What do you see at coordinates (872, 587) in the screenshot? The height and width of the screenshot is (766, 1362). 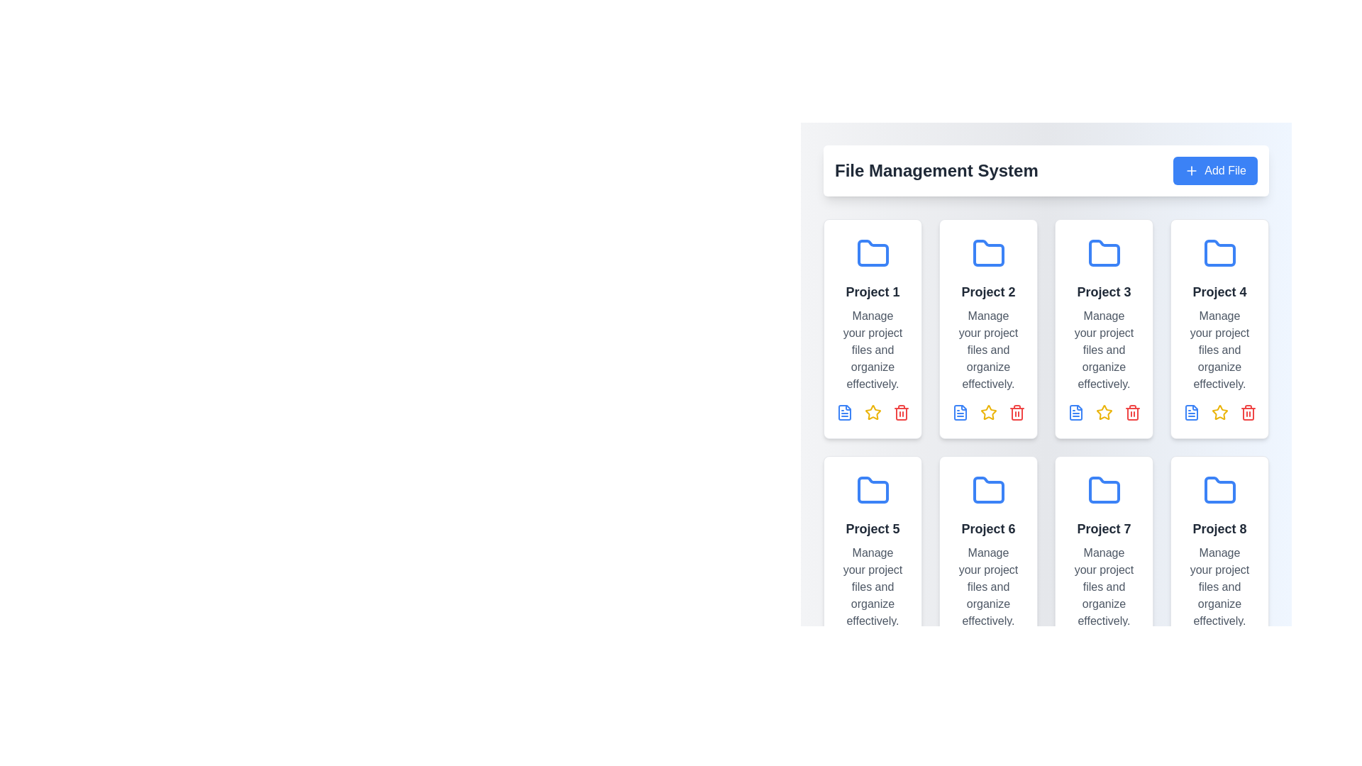 I see `the descriptive text element located under the heading 'Project 5' in the fifth project card, which summarizes the purpose of the project` at bounding box center [872, 587].